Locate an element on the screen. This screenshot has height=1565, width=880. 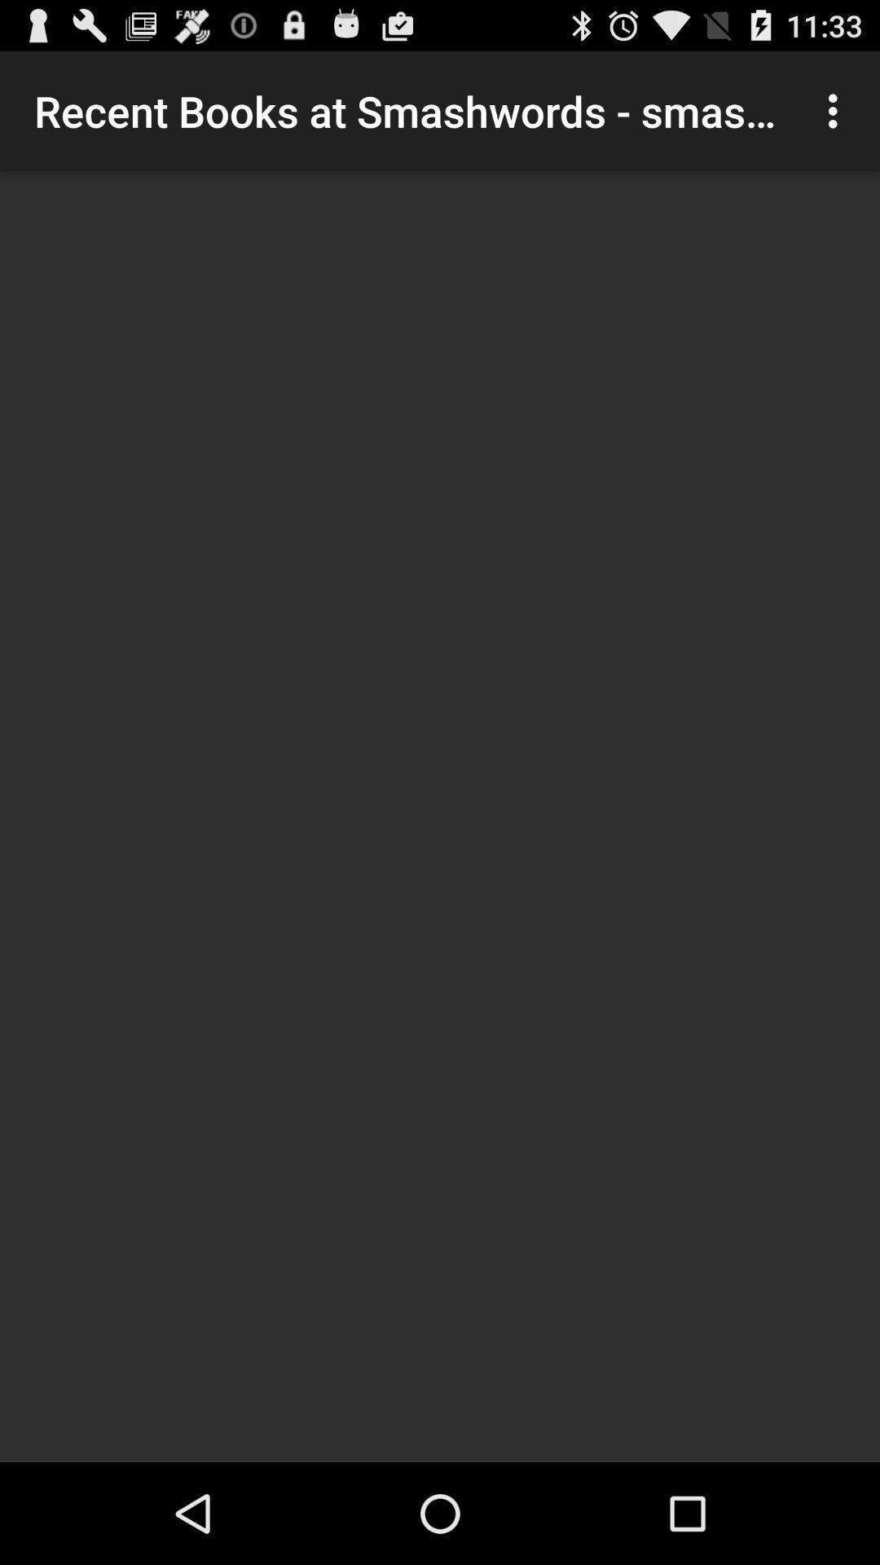
the icon next to the recent books at icon is located at coordinates (837, 110).